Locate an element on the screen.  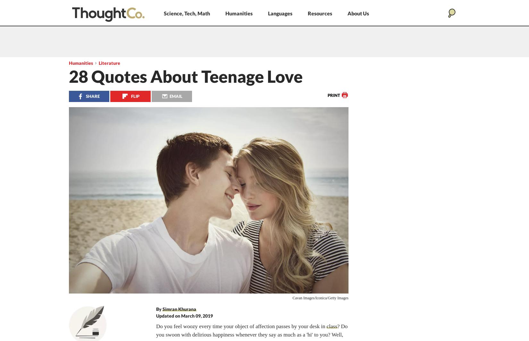
'28 Quotes About Teenage Love' is located at coordinates (185, 76).